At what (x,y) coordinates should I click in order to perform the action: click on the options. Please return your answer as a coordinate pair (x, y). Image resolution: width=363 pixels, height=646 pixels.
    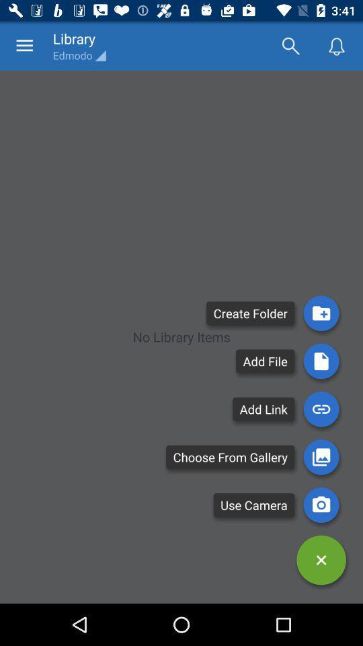
    Looking at the image, I should click on (321, 560).